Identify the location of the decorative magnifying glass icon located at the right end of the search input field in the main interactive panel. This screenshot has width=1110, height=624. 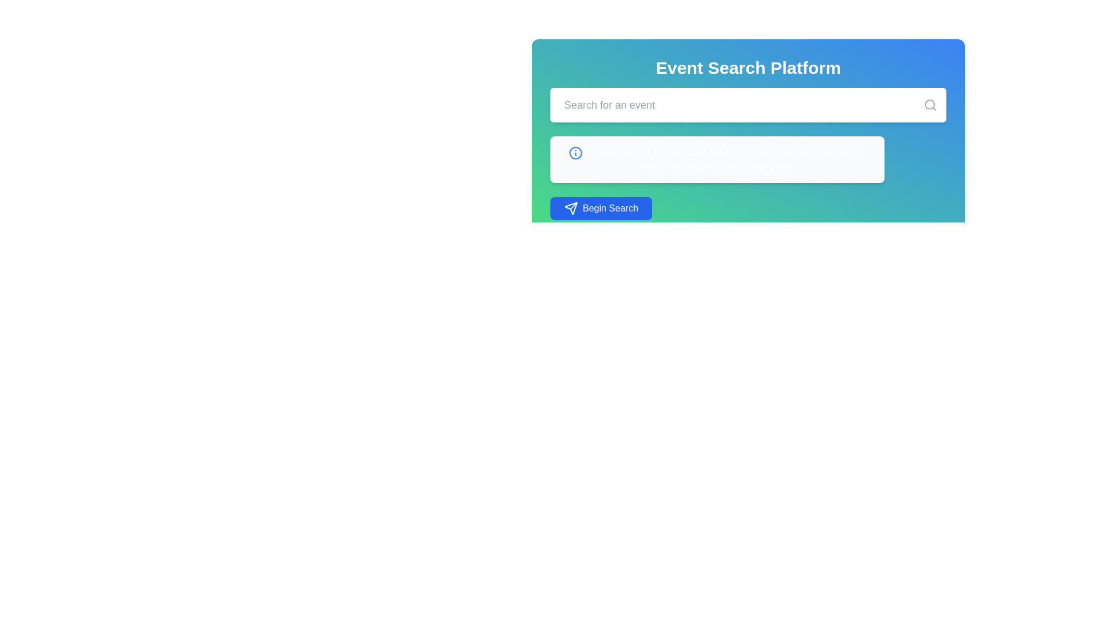
(930, 105).